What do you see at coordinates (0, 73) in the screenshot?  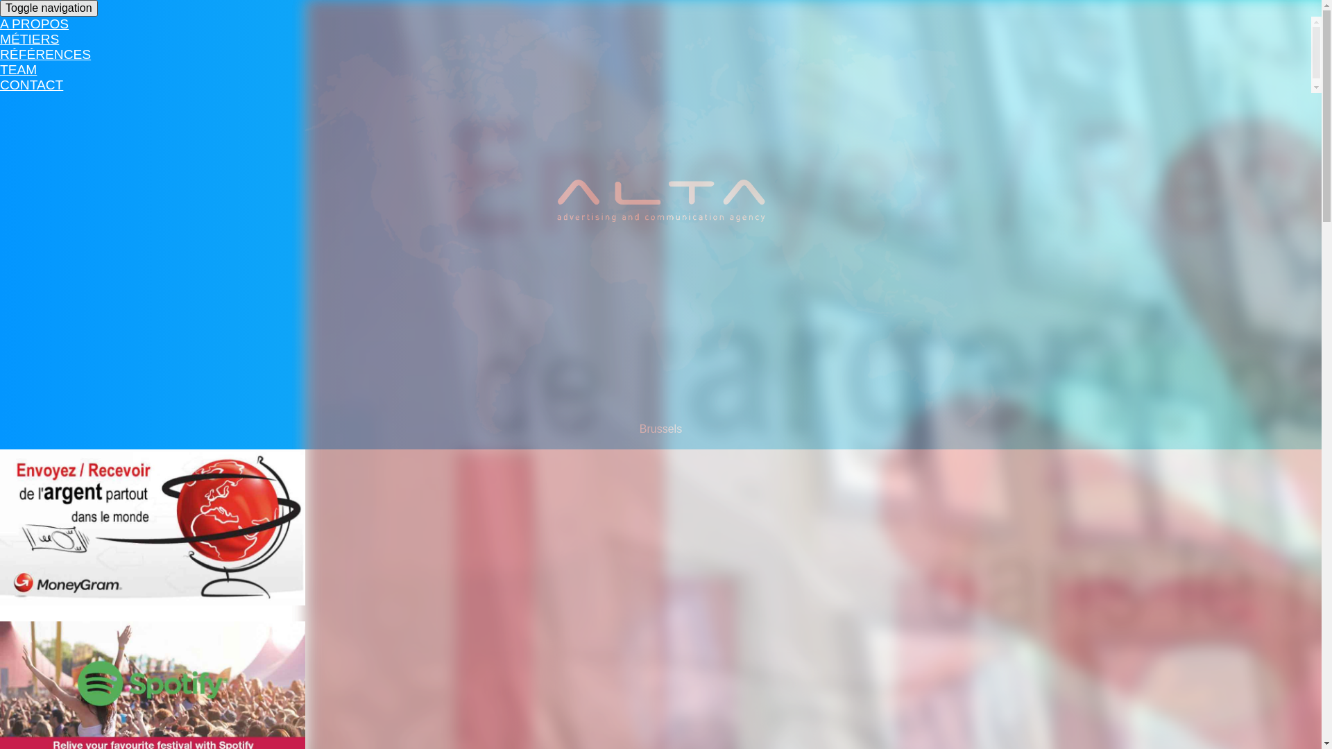 I see `'TEAM'` at bounding box center [0, 73].